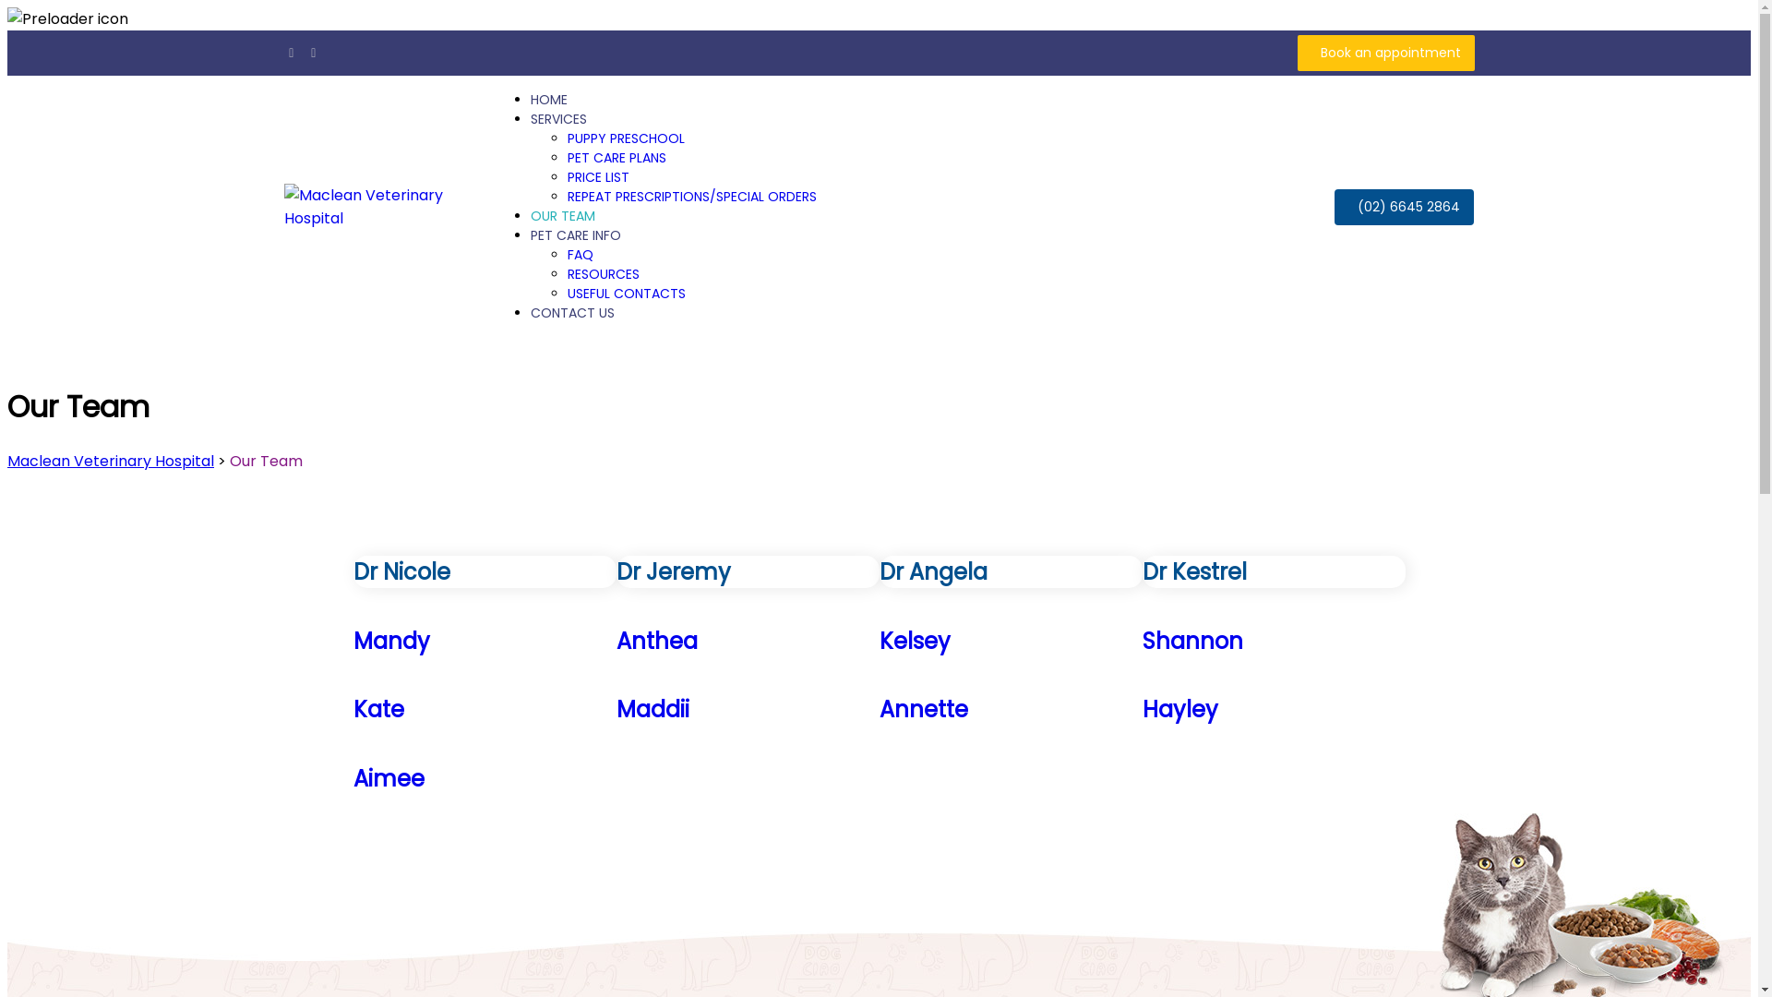  I want to click on 'Dr Kestrel', so click(1273, 571).